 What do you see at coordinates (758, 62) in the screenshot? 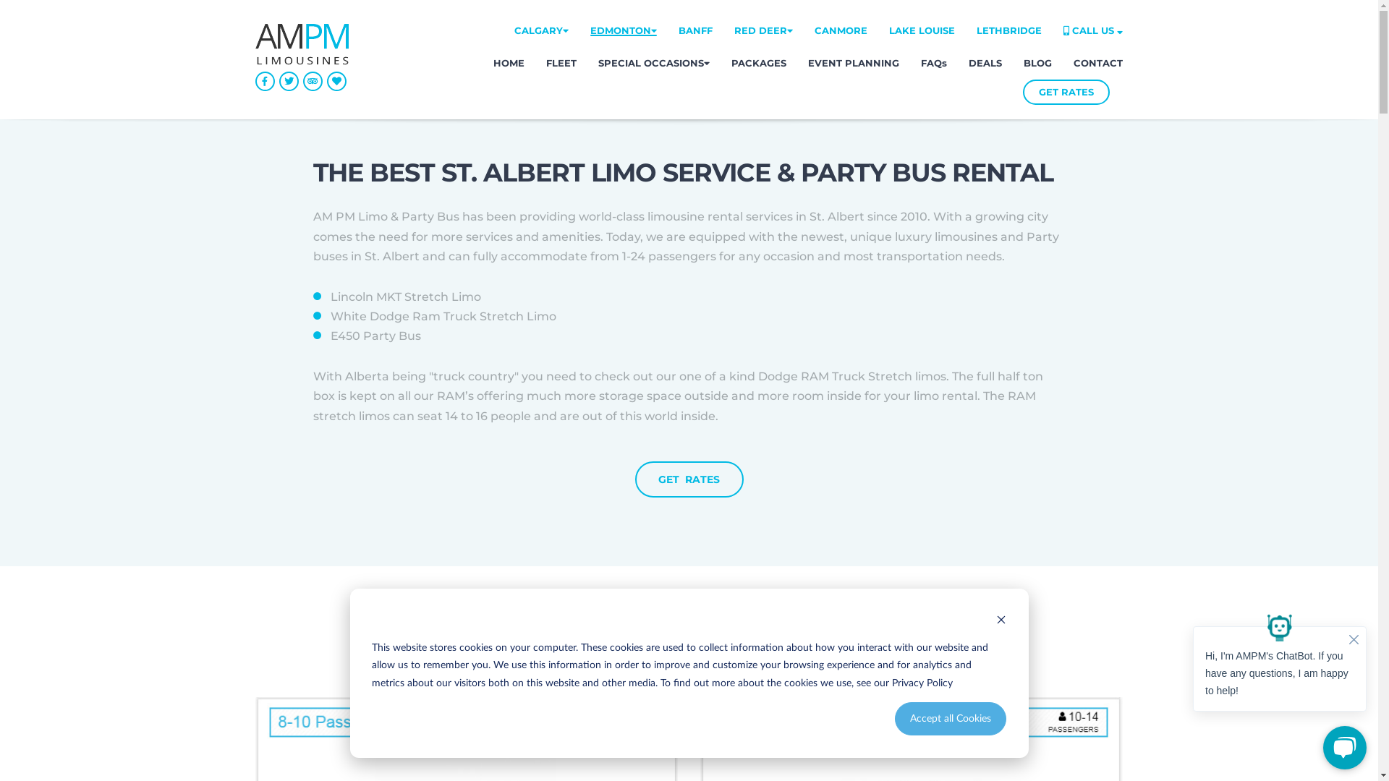
I see `'PACKAGES'` at bounding box center [758, 62].